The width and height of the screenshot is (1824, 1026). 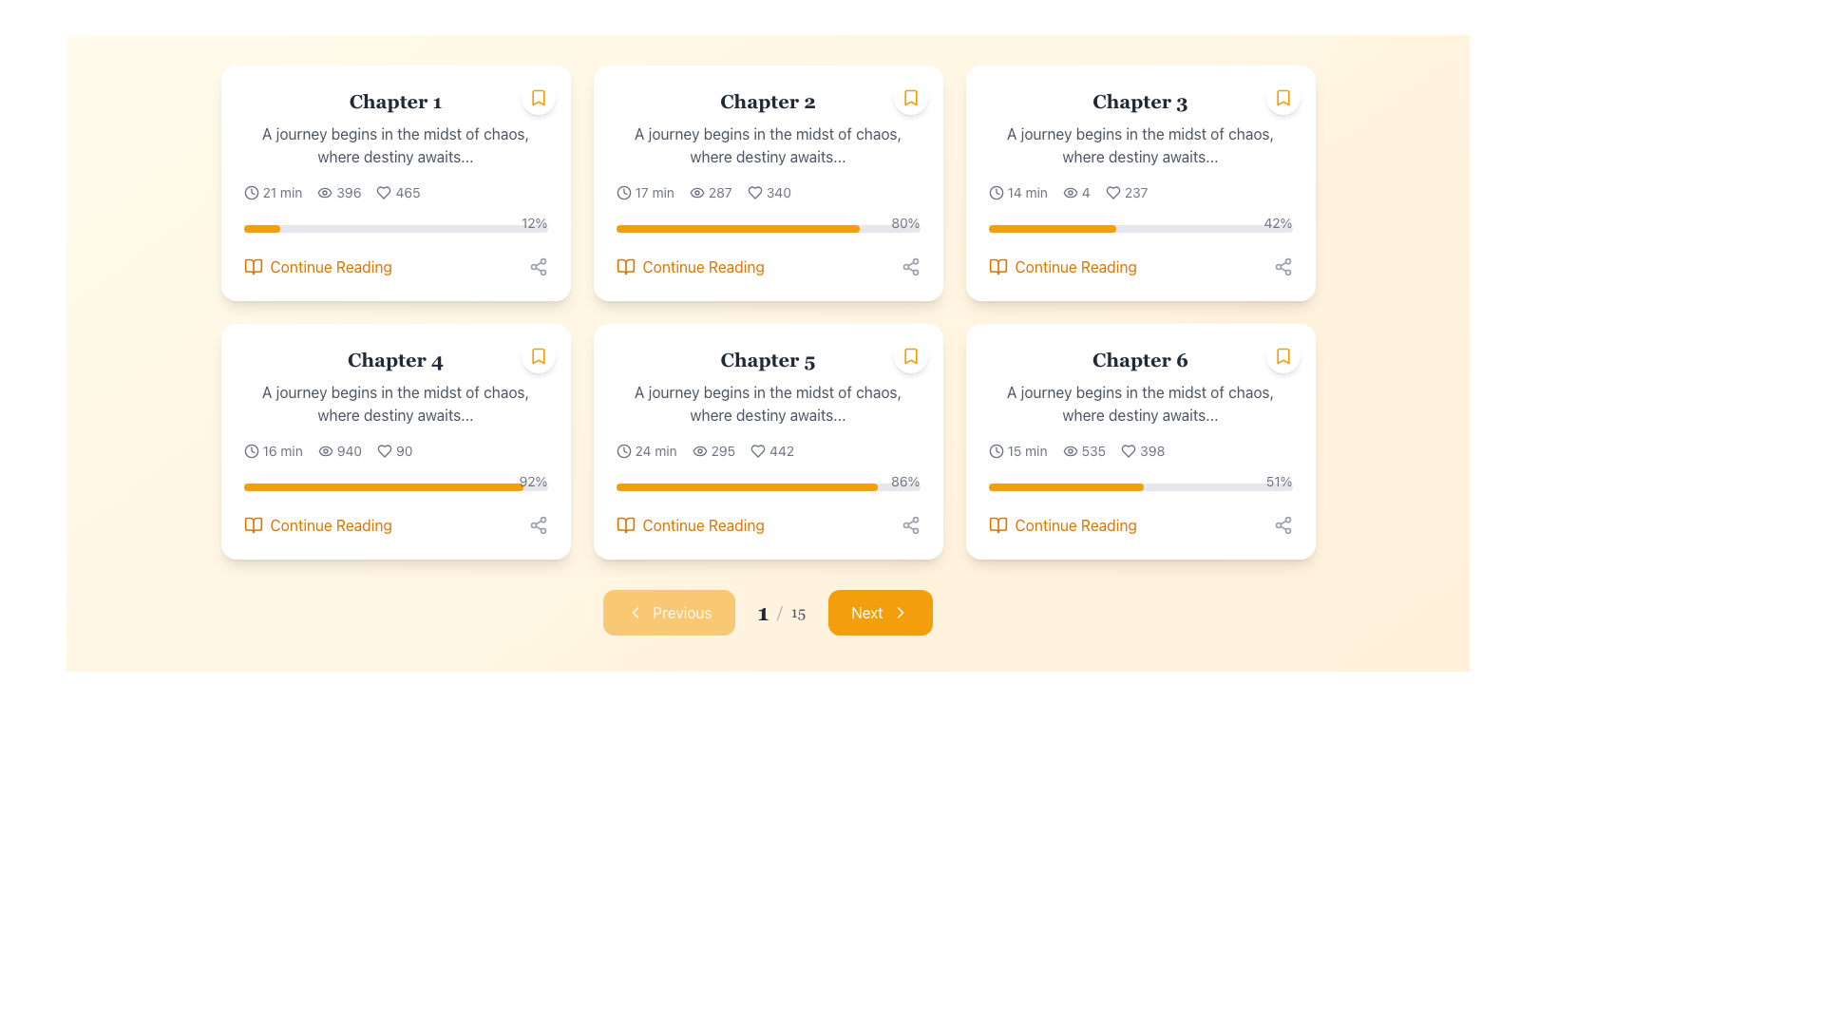 I want to click on the 'Previous' button located near the bottom center of the interface, so click(x=636, y=612).